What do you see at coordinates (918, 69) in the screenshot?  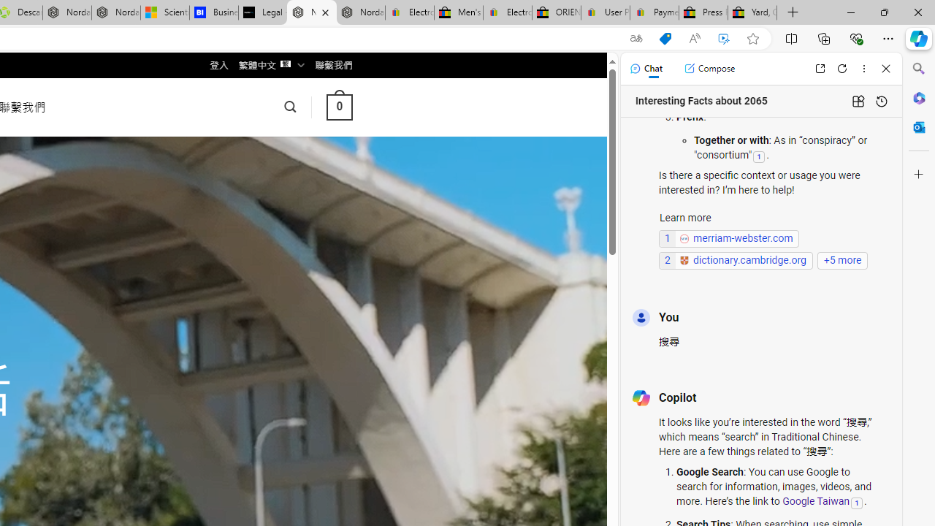 I see `'Minimize Search pane'` at bounding box center [918, 69].